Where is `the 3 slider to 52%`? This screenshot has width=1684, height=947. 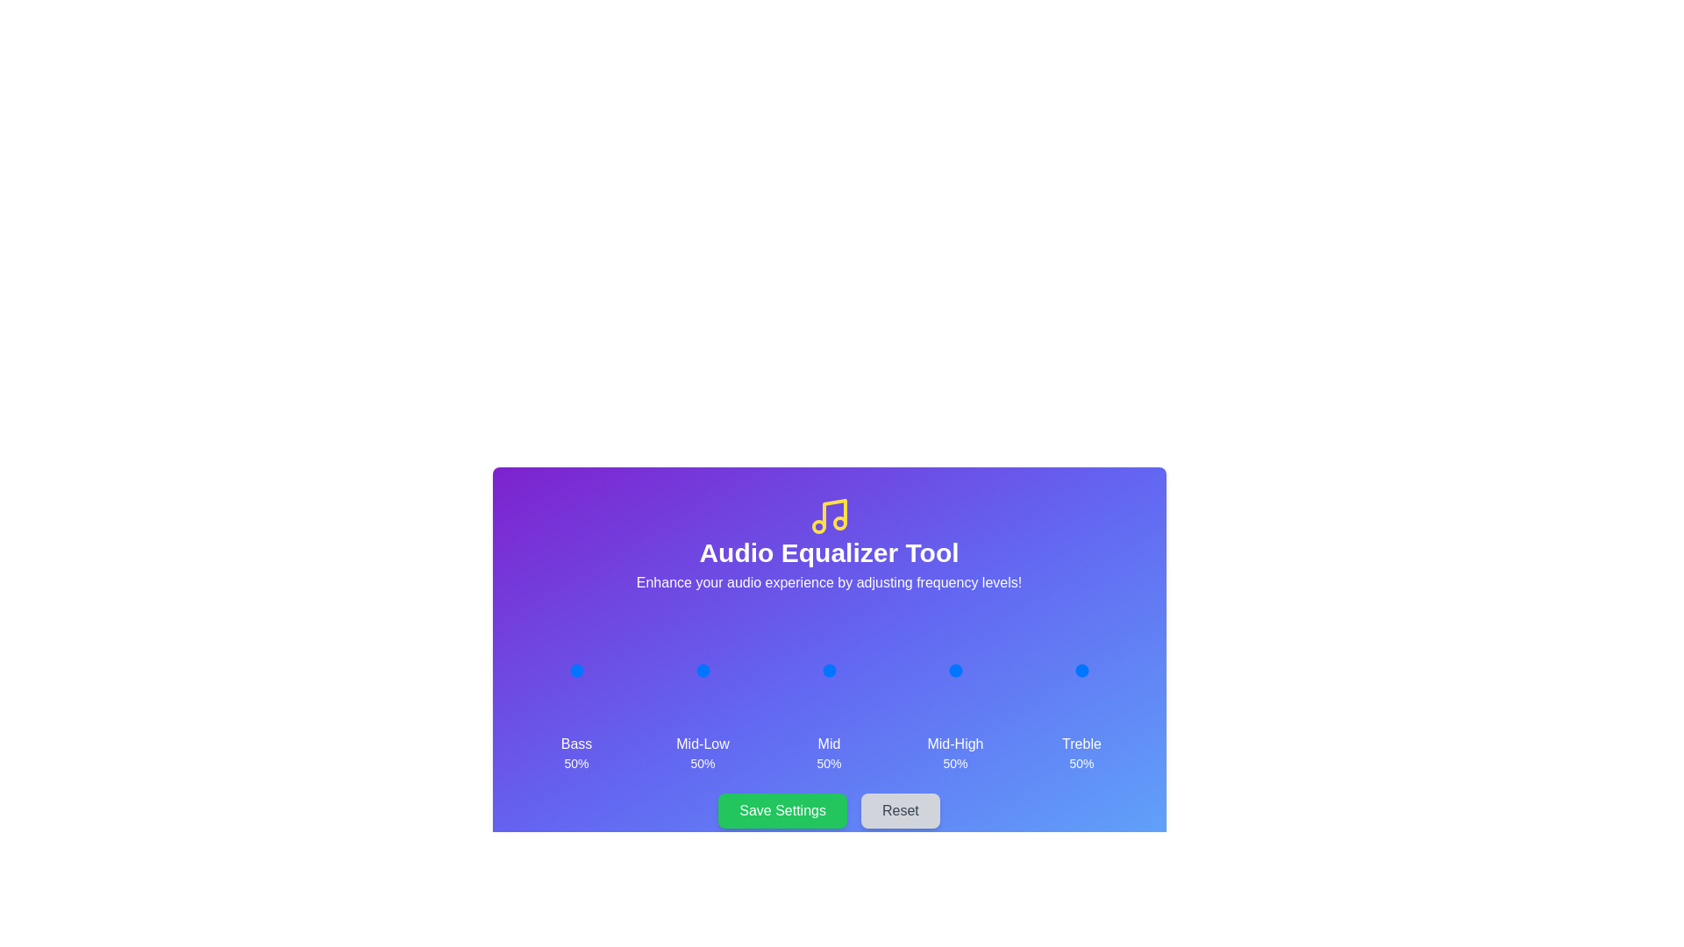 the 3 slider to 52% is located at coordinates (955, 670).